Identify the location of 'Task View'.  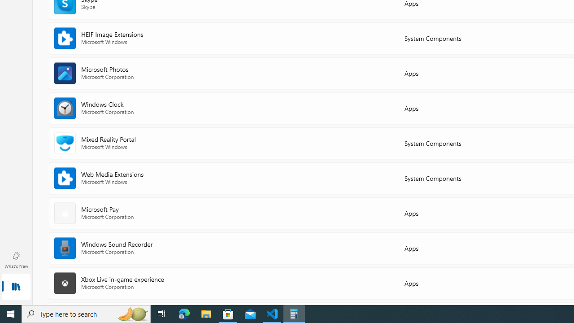
(161, 313).